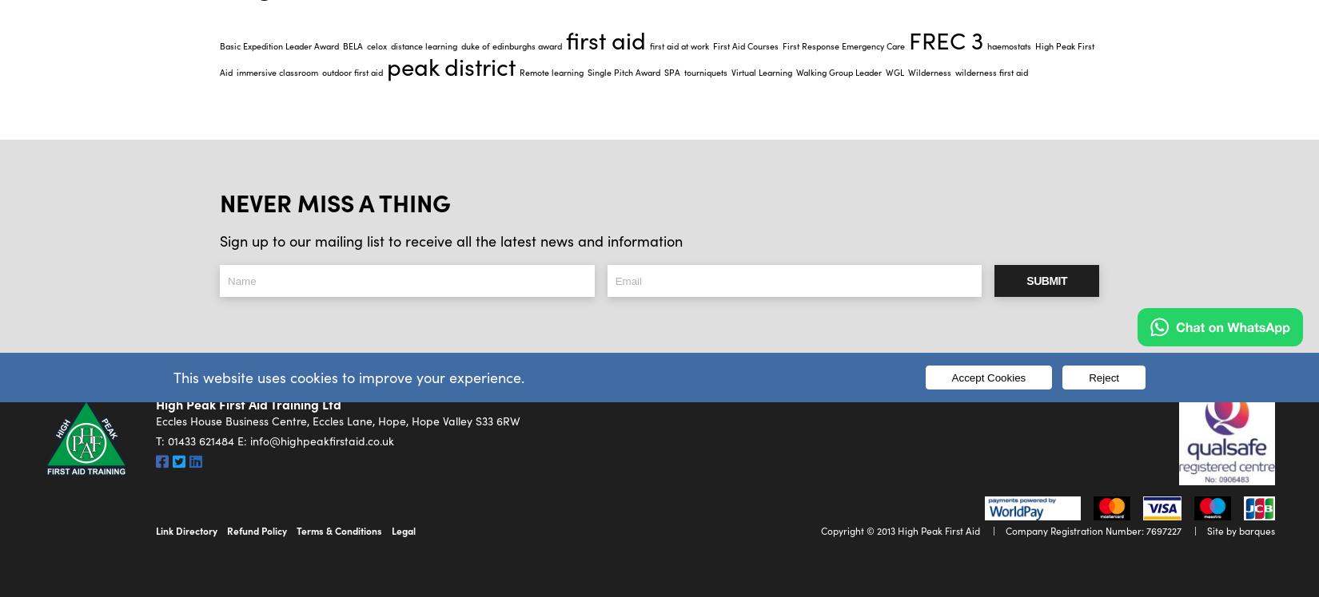 The image size is (1319, 597). I want to click on 'Terms & Conditions', so click(338, 530).